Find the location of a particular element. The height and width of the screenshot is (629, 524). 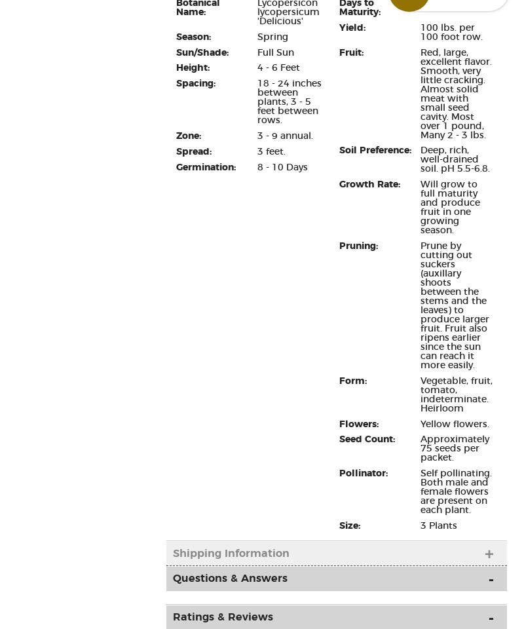

'Form:' is located at coordinates (352, 380).